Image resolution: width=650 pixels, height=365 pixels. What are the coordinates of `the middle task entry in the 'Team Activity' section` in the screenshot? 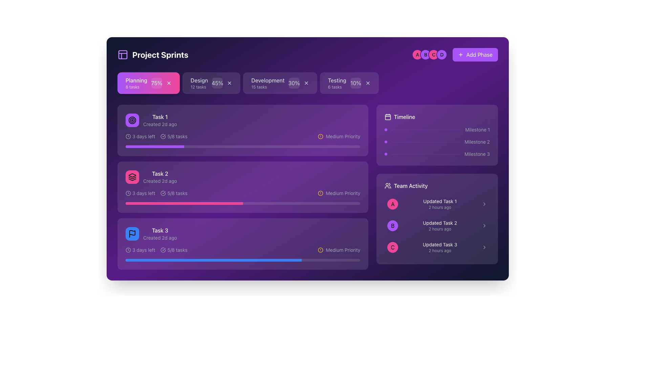 It's located at (437, 225).